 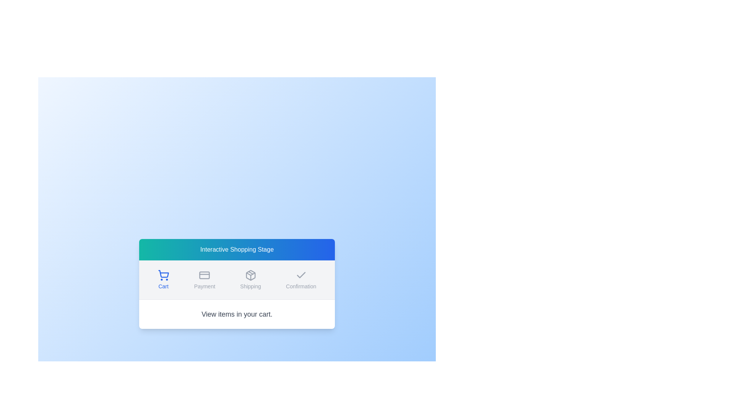 What do you see at coordinates (163, 280) in the screenshot?
I see `the 'Cart' button, which is a small icon with a shopping cart and the label 'Cart', located under the 'Interactive Shopping Stage' header` at bounding box center [163, 280].